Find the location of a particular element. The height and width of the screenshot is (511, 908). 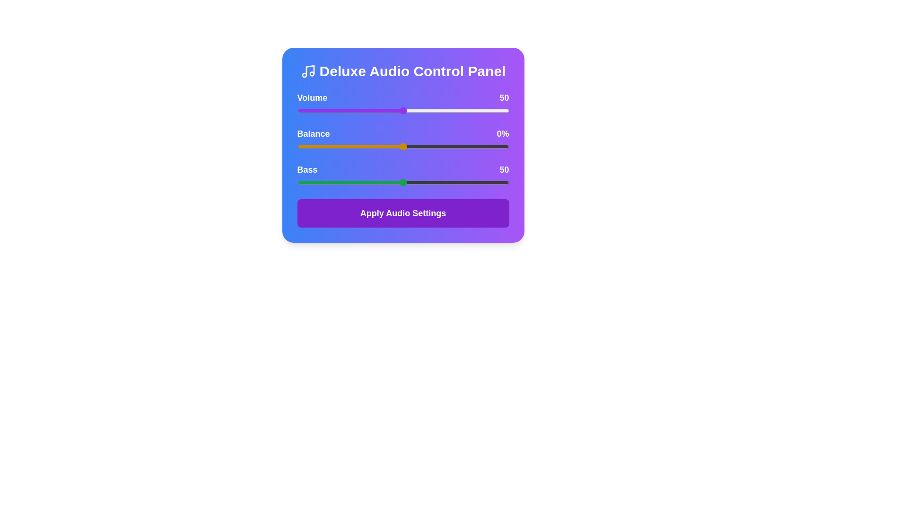

the balance slider is located at coordinates (502, 146).